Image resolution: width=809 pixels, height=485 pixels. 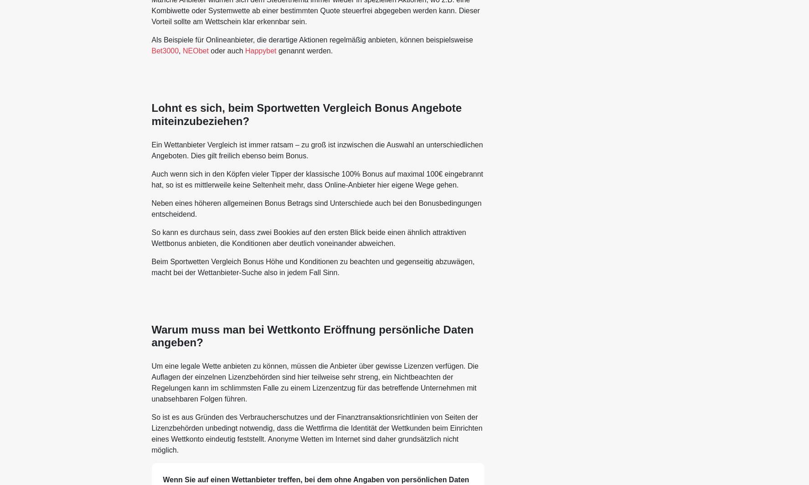 I want to click on 'Beim Sportwetten Vergleich Bonus Höhe und Konditionen zu beachten und gegenseitig abzuwägen, macht bei der Wettanbieter-Suche also in jedem Fall Sinn.', so click(x=150, y=266).